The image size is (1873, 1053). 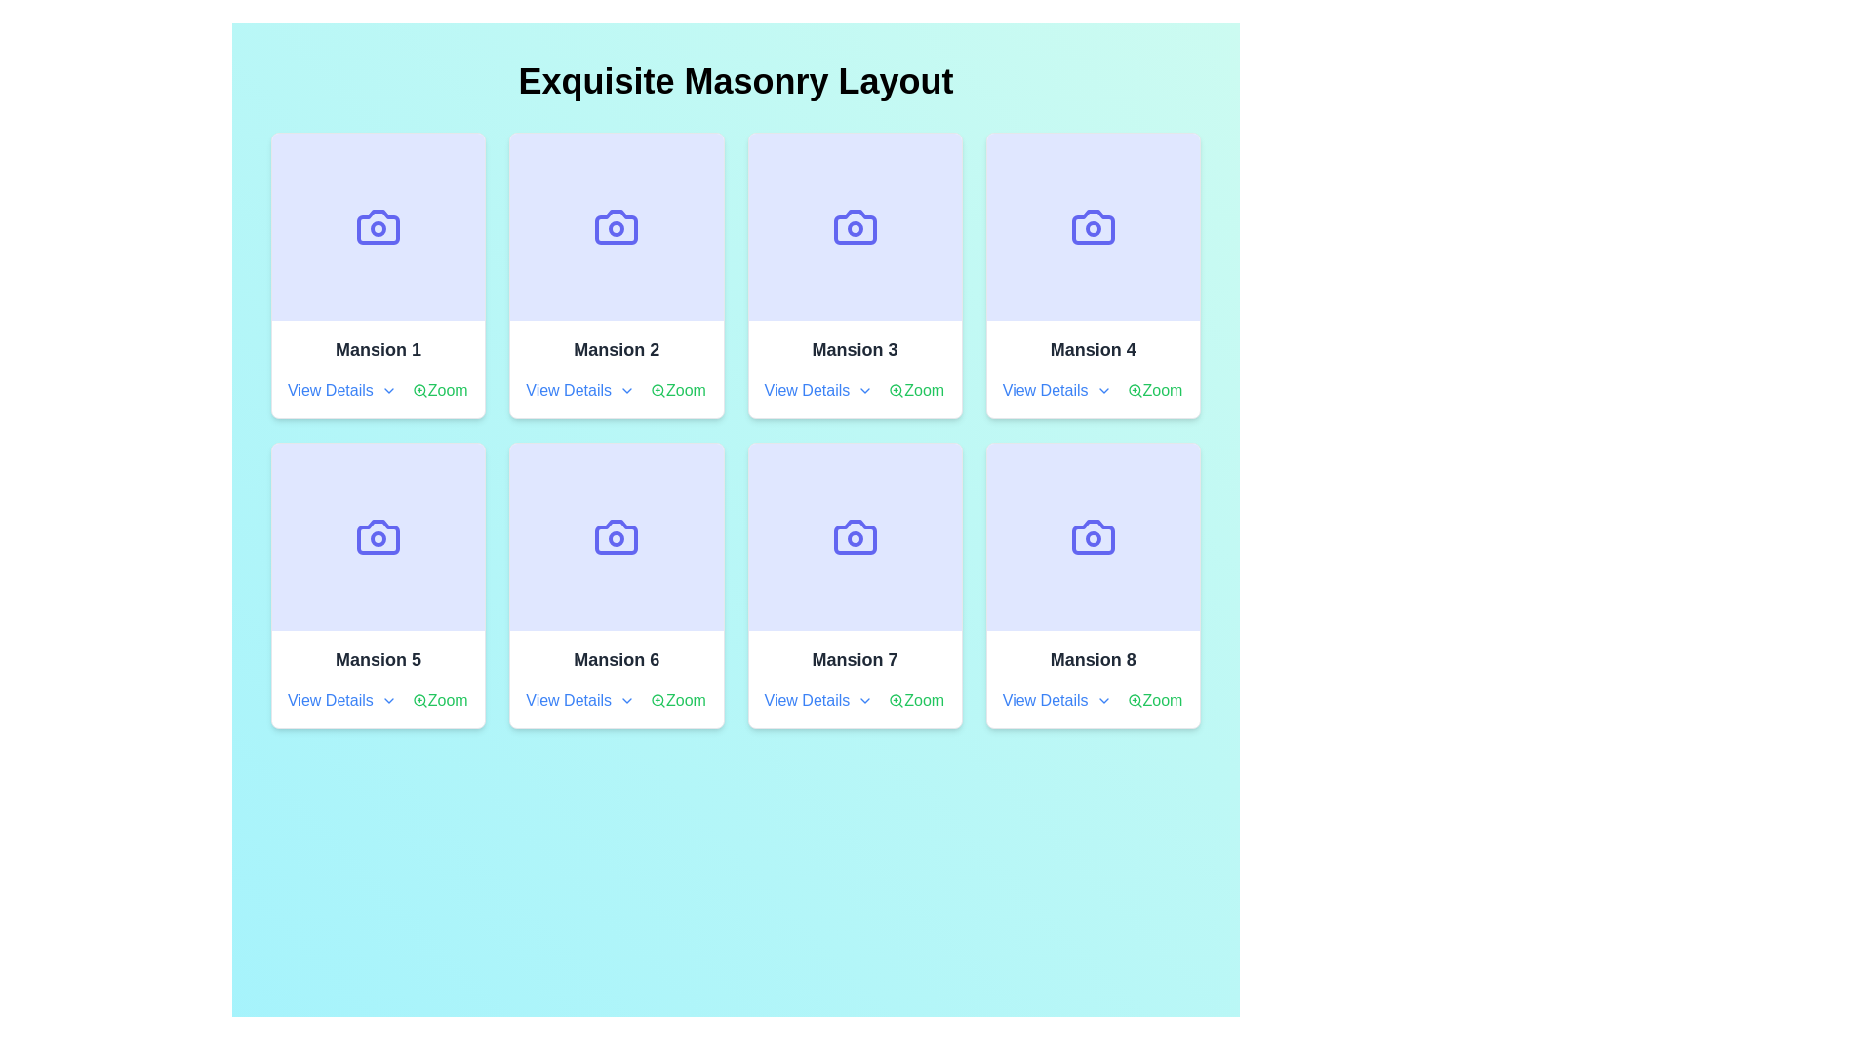 What do you see at coordinates (1093, 228) in the screenshot?
I see `the SVG Circle element that serves as a decorative feature within the camera icon in the fourth card of the grid layout titled 'Mansion 4'` at bounding box center [1093, 228].